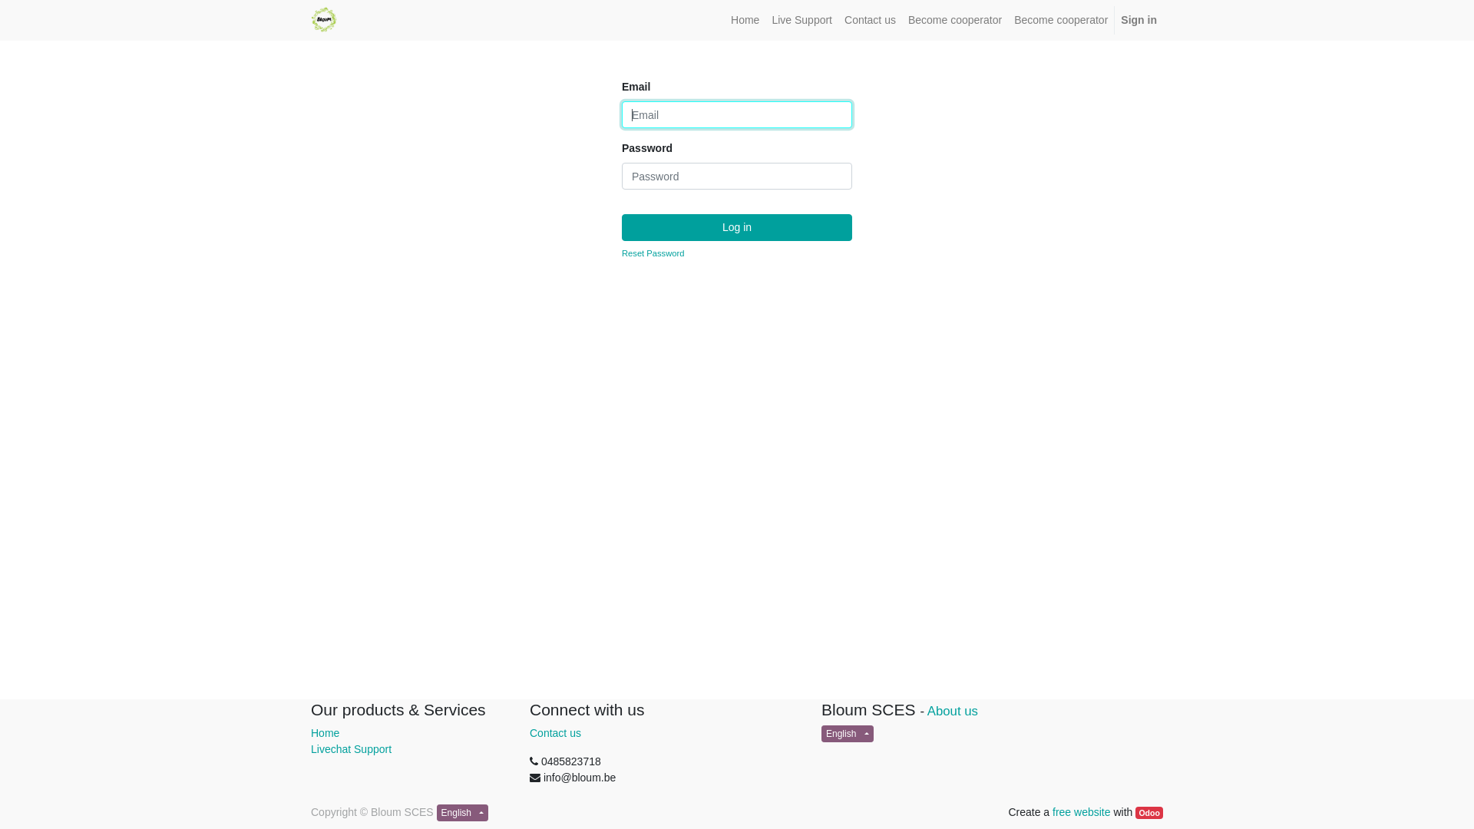 The height and width of the screenshot is (829, 1474). I want to click on 'English', so click(847, 733).